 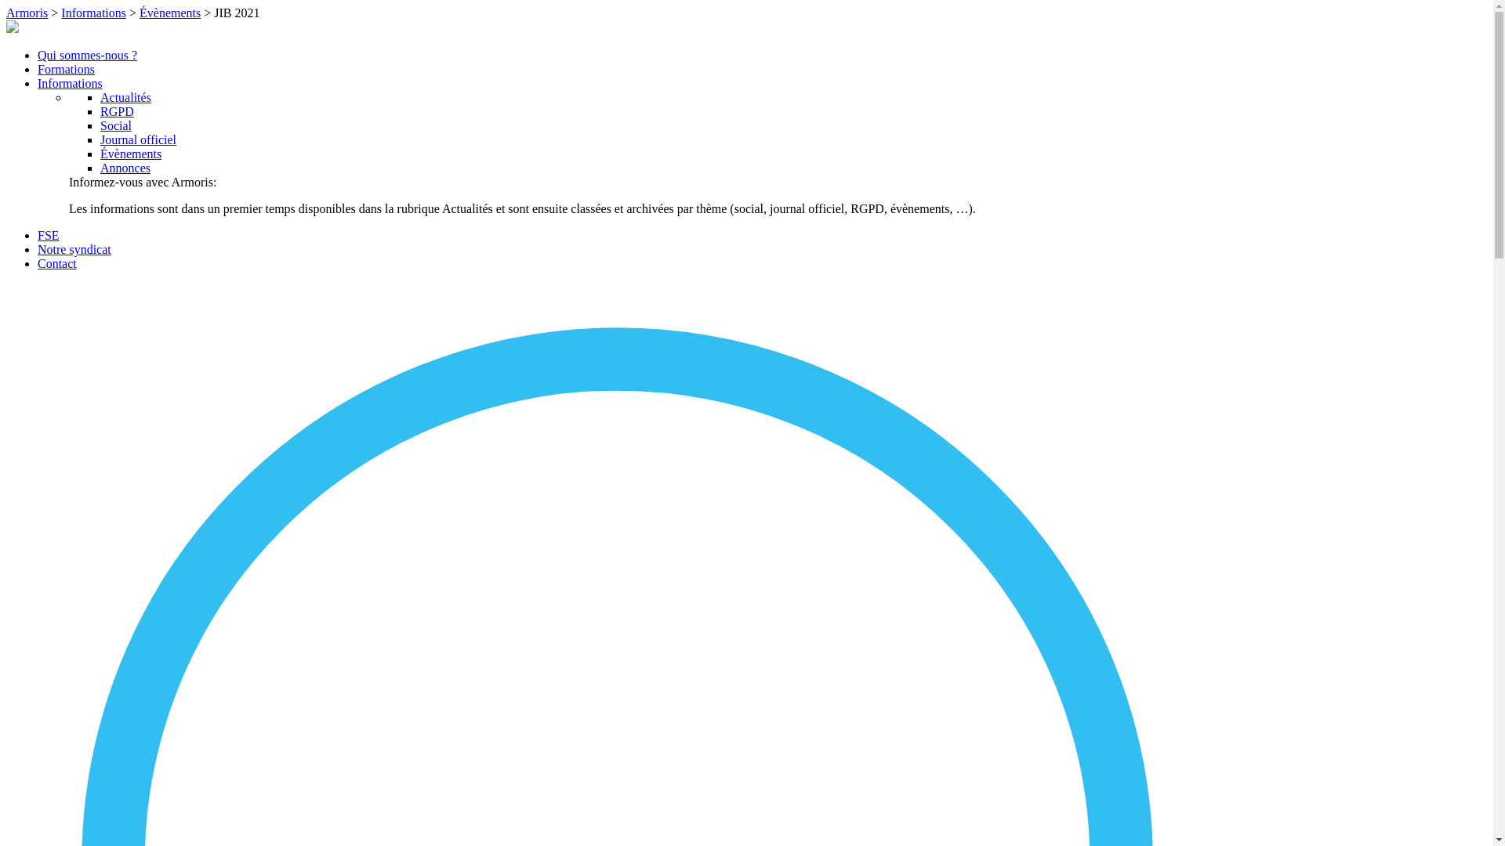 I want to click on 'Informations', so click(x=92, y=13).